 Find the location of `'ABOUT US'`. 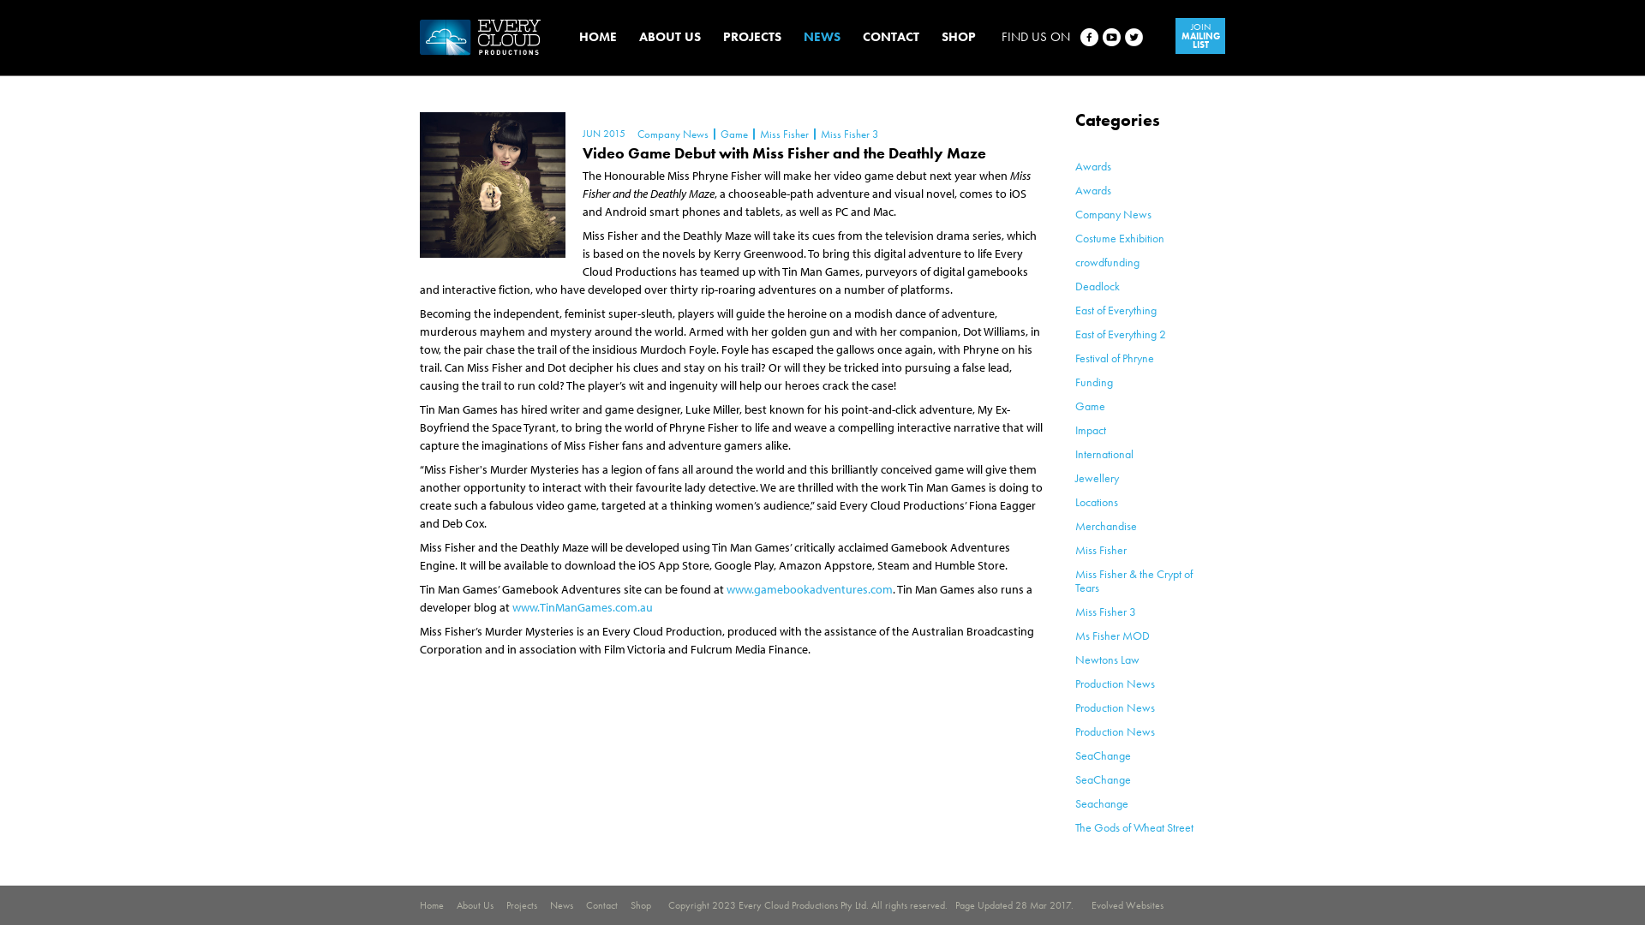

'ABOUT US' is located at coordinates (669, 36).